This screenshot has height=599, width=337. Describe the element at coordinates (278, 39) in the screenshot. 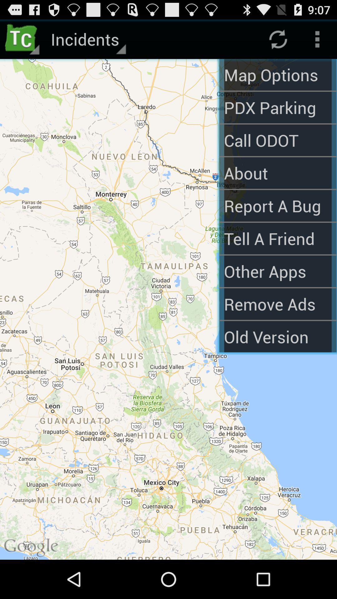

I see `synchronize icon` at that location.